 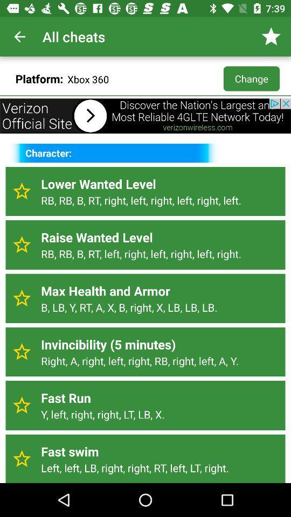 I want to click on favorite, so click(x=22, y=298).